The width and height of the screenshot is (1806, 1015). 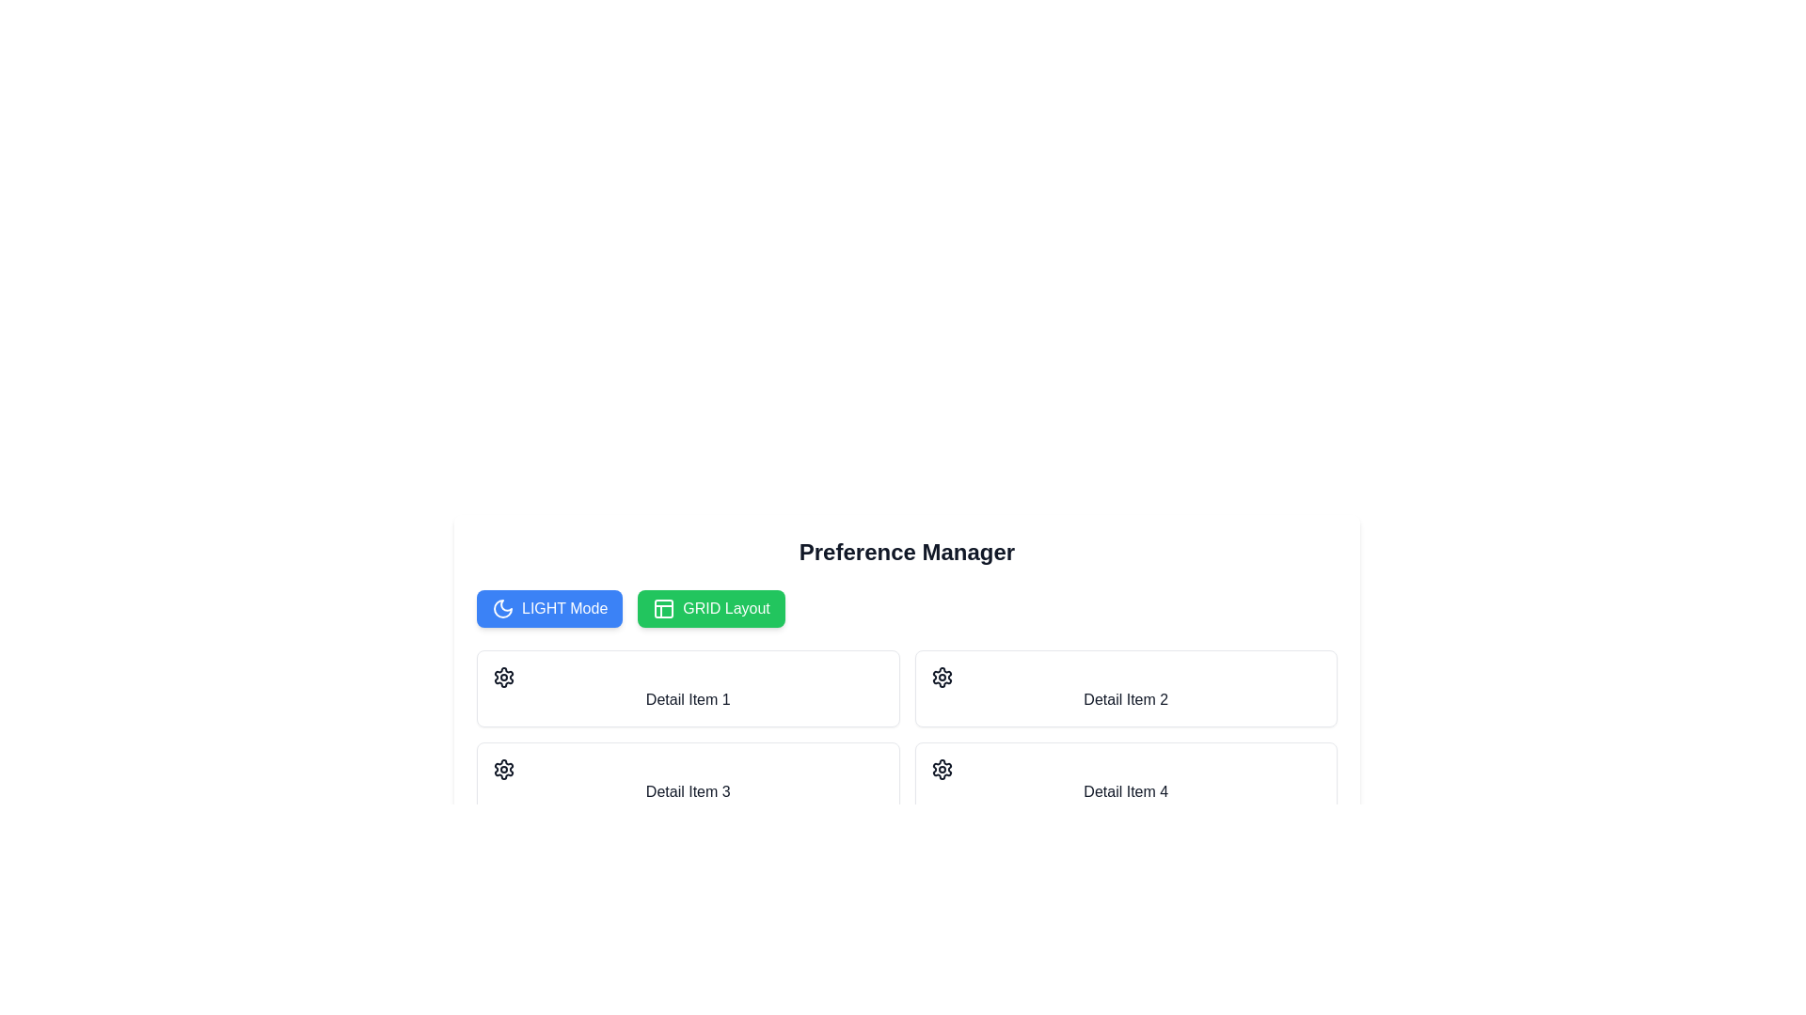 I want to click on the grid item labeled 'Detail Item 4' by performing a left click, so click(x=1126, y=780).